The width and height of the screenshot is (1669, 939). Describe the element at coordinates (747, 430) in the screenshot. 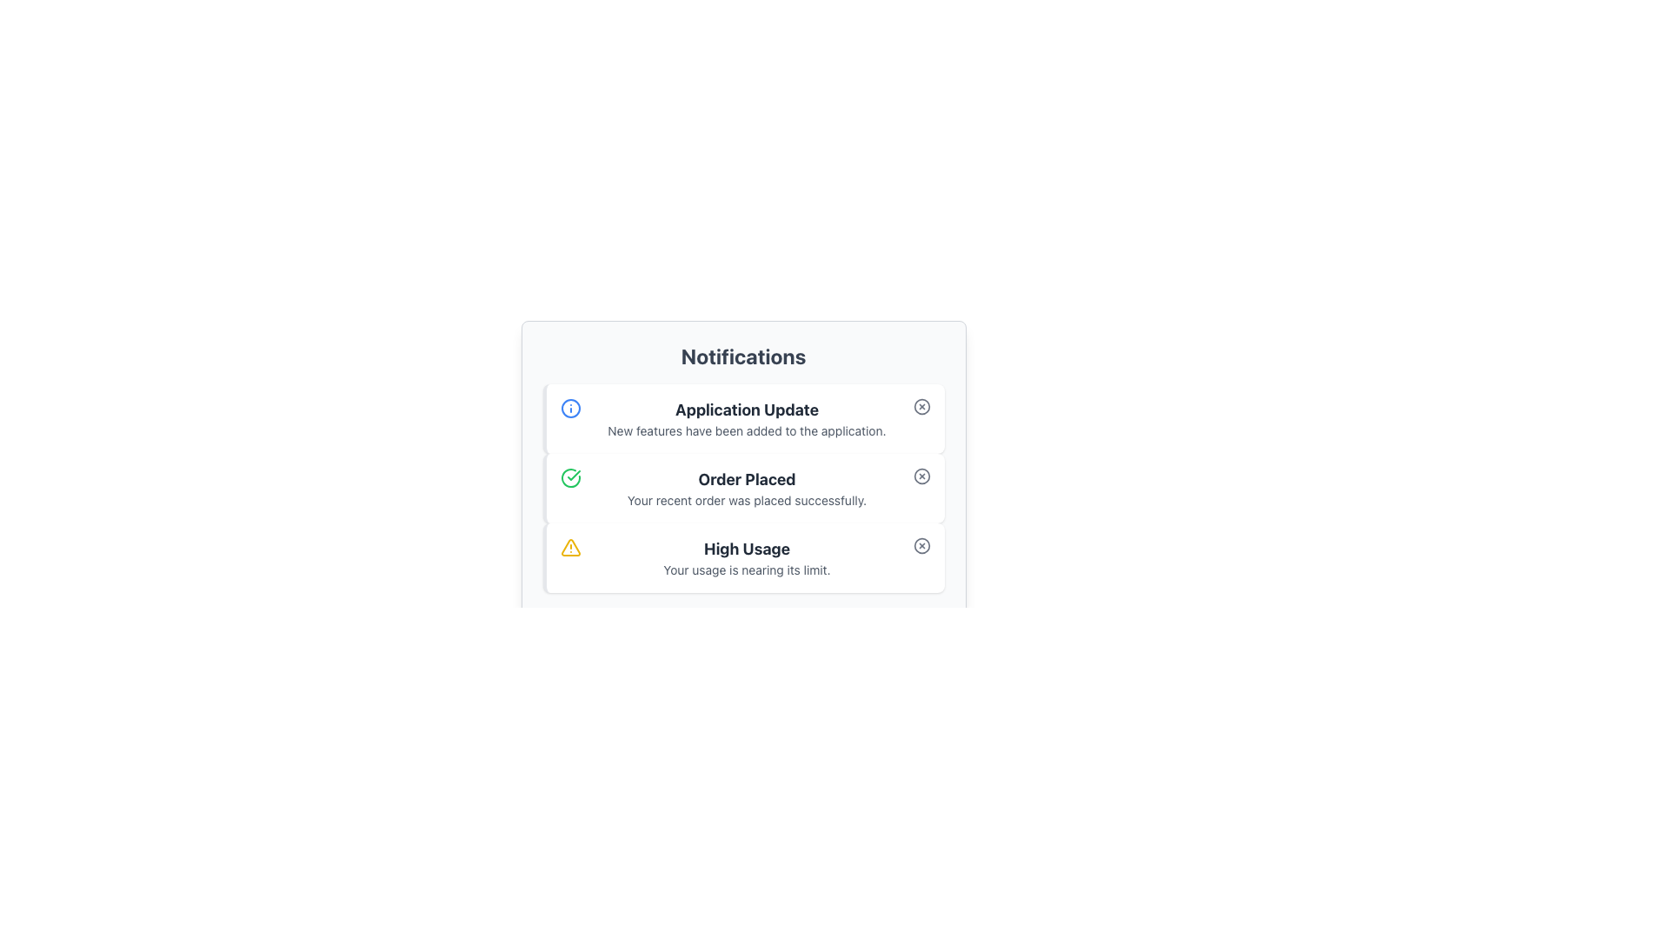

I see `the Text Label displaying 'New features have been added to the application.' which is styled in gray and located under the 'Application Update' title within the notification card` at that location.